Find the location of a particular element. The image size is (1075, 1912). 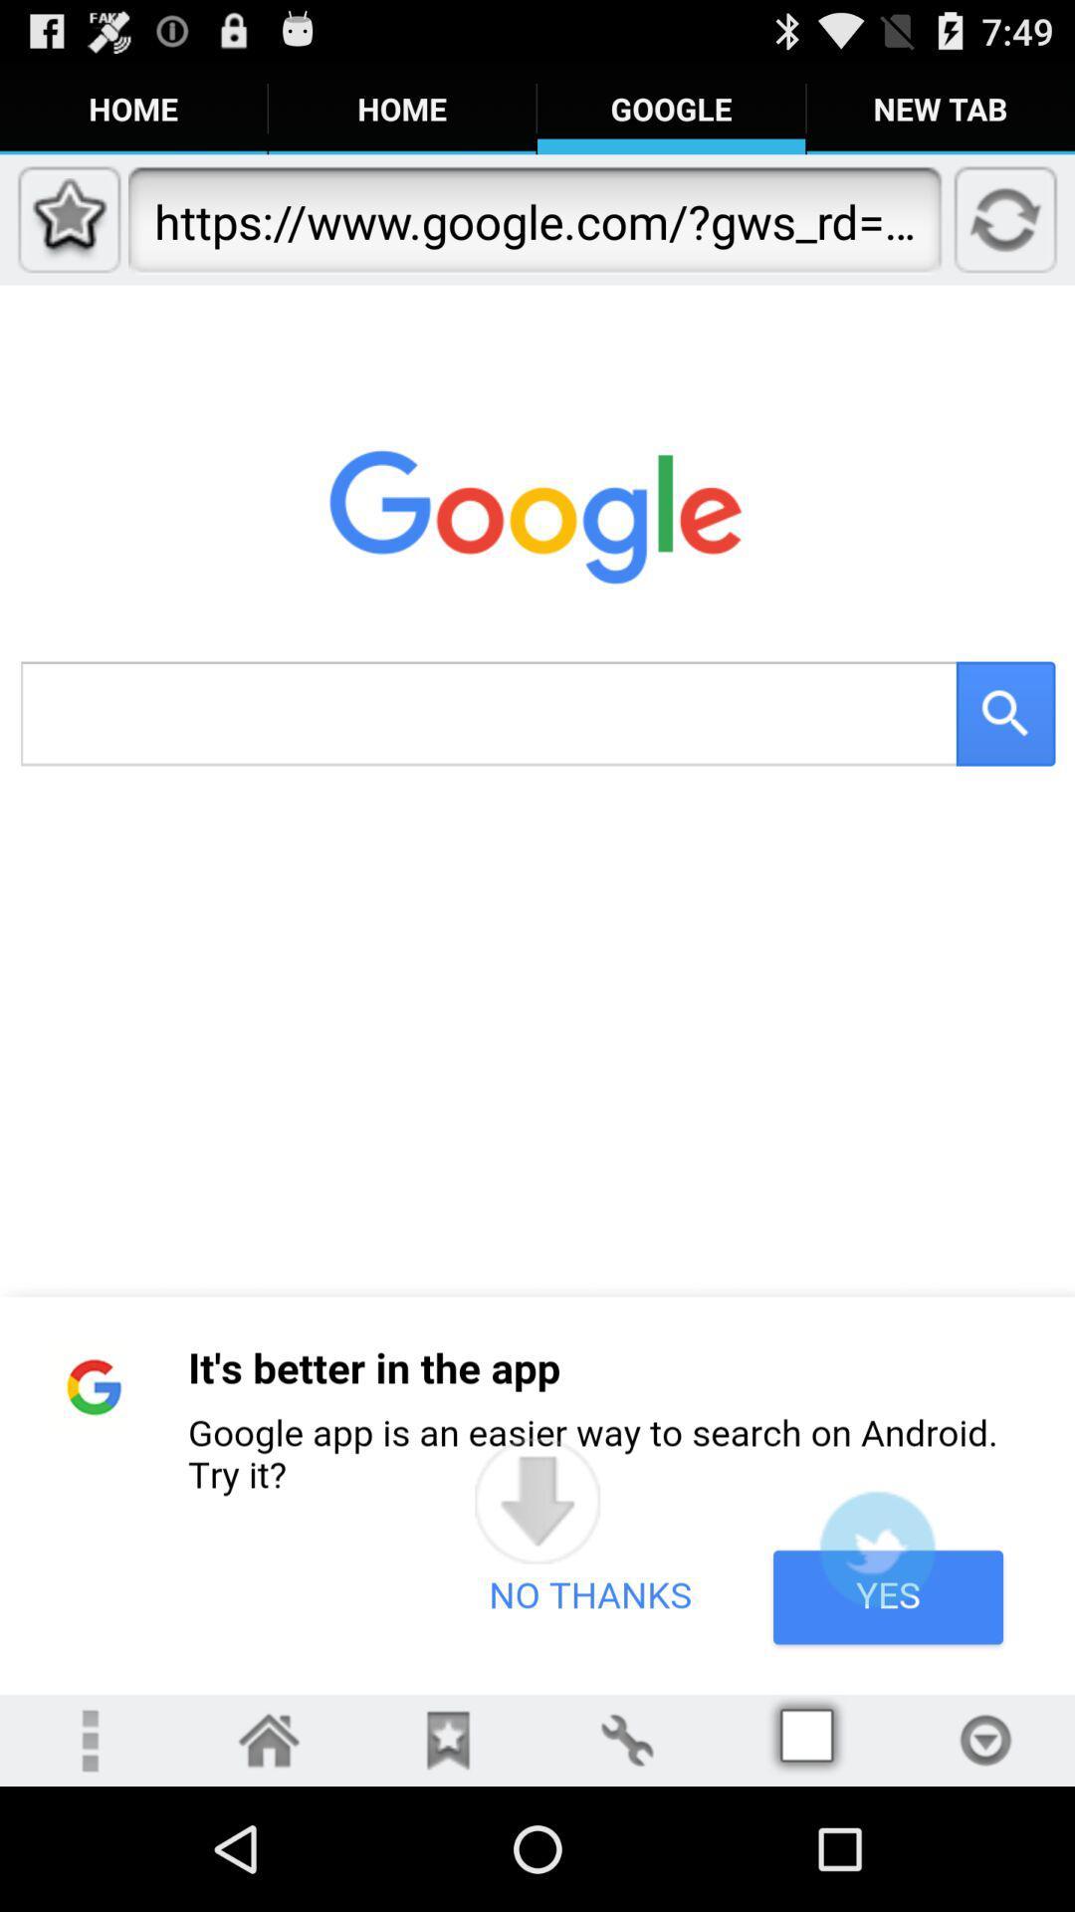

setting is located at coordinates (625, 1739).